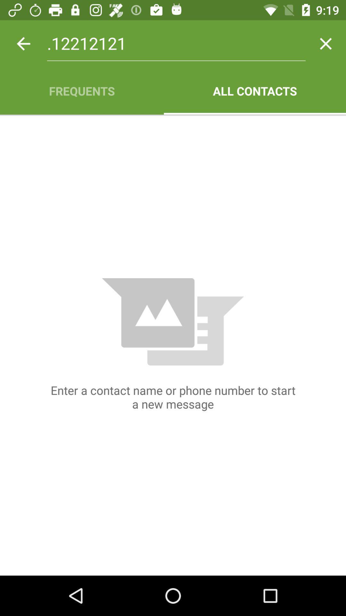  I want to click on the app above the all contacts icon, so click(326, 43).